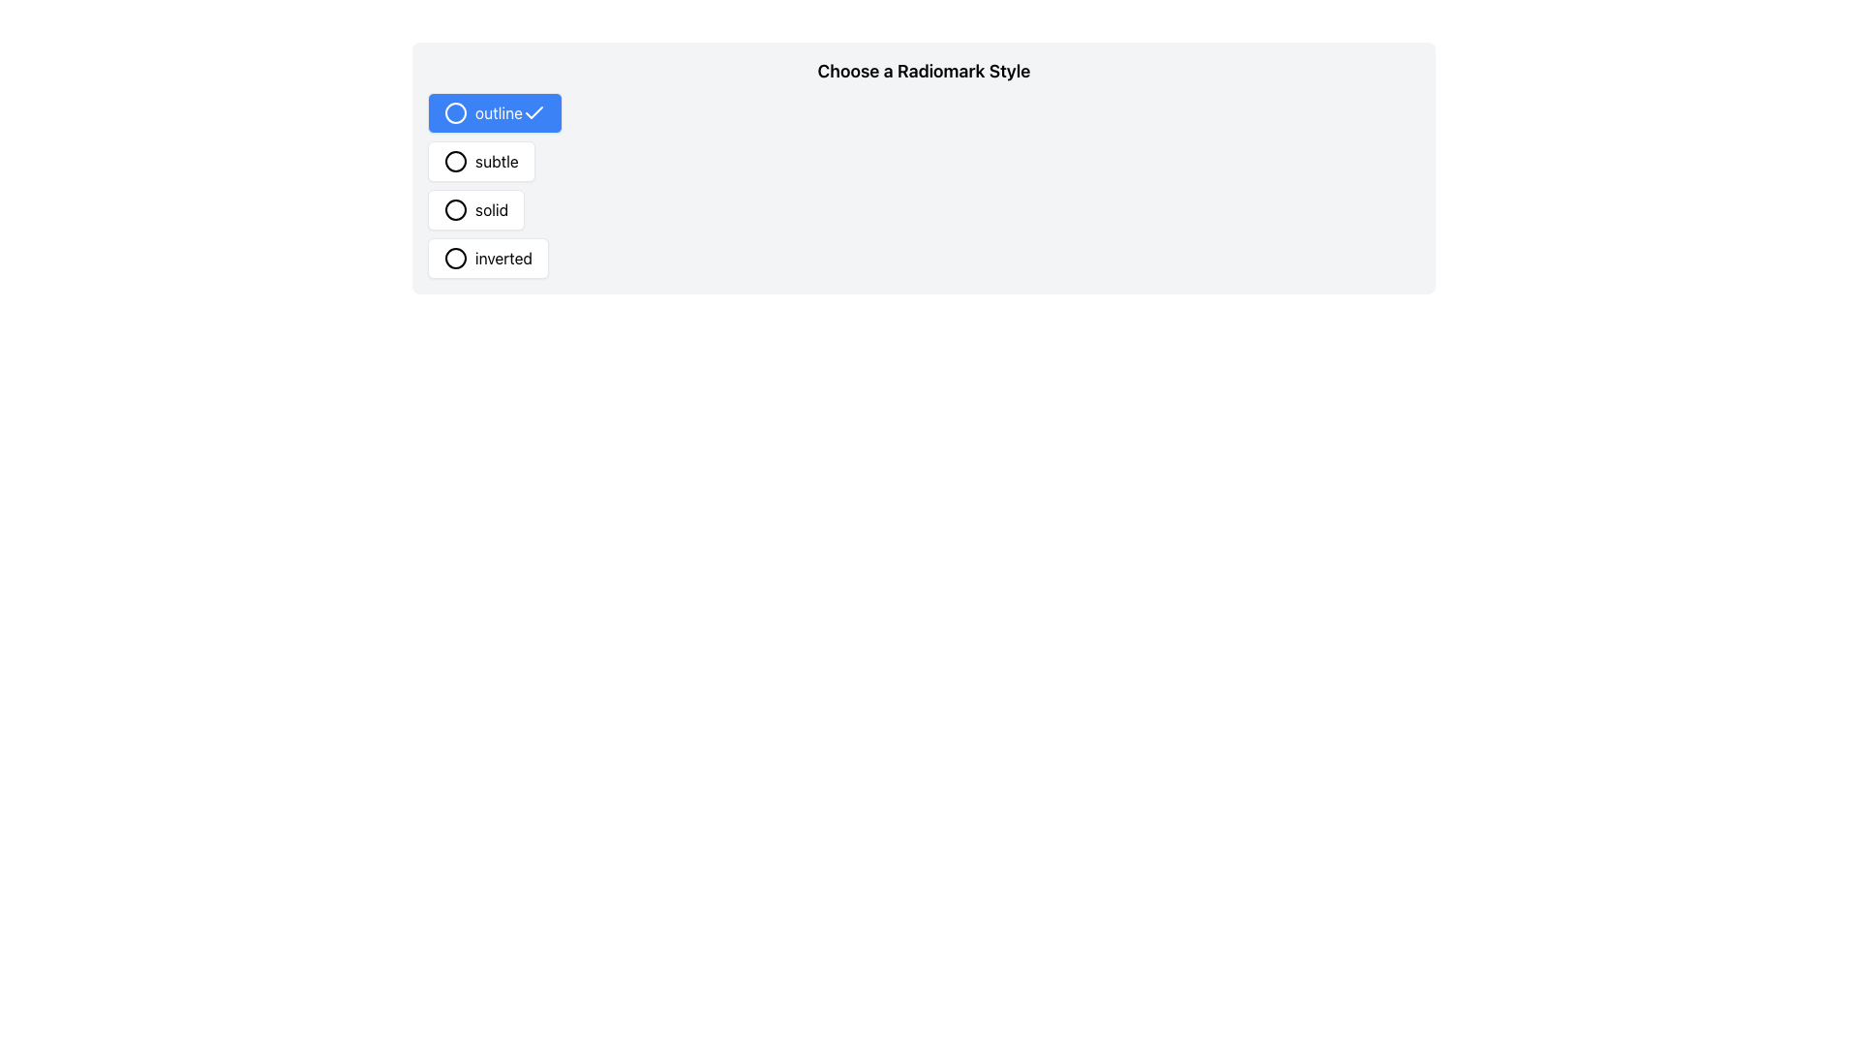 The image size is (1859, 1046). I want to click on the radio button represented by the inner SVG Circle, which is the second option in the selection menu, indicating its state as selected, so click(454, 209).